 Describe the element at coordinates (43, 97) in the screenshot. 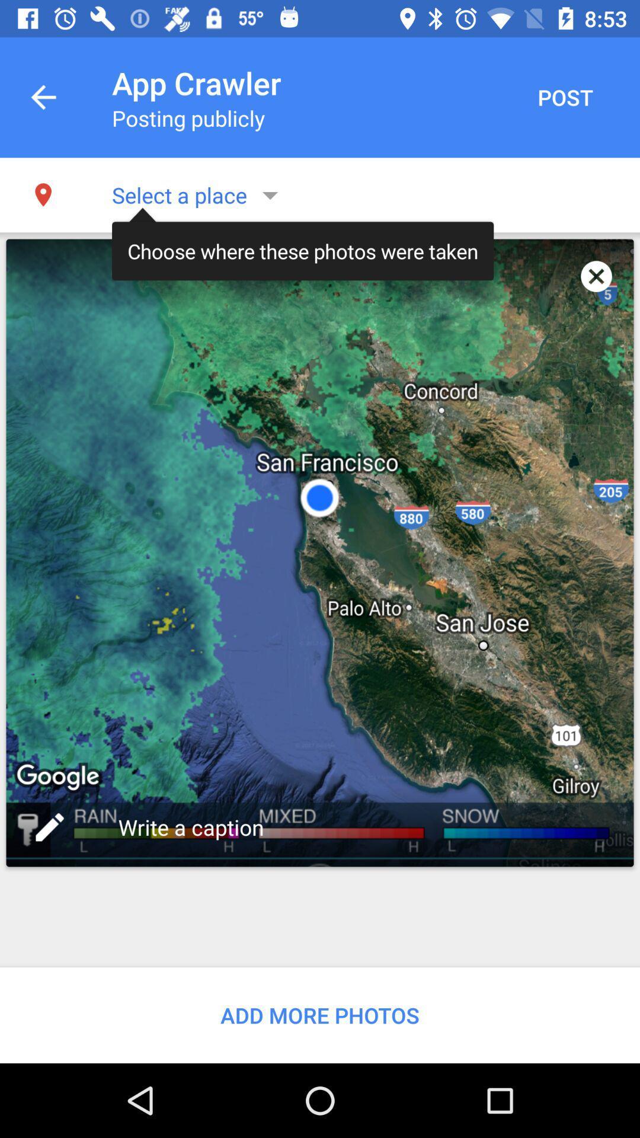

I see `item next to app crawler` at that location.